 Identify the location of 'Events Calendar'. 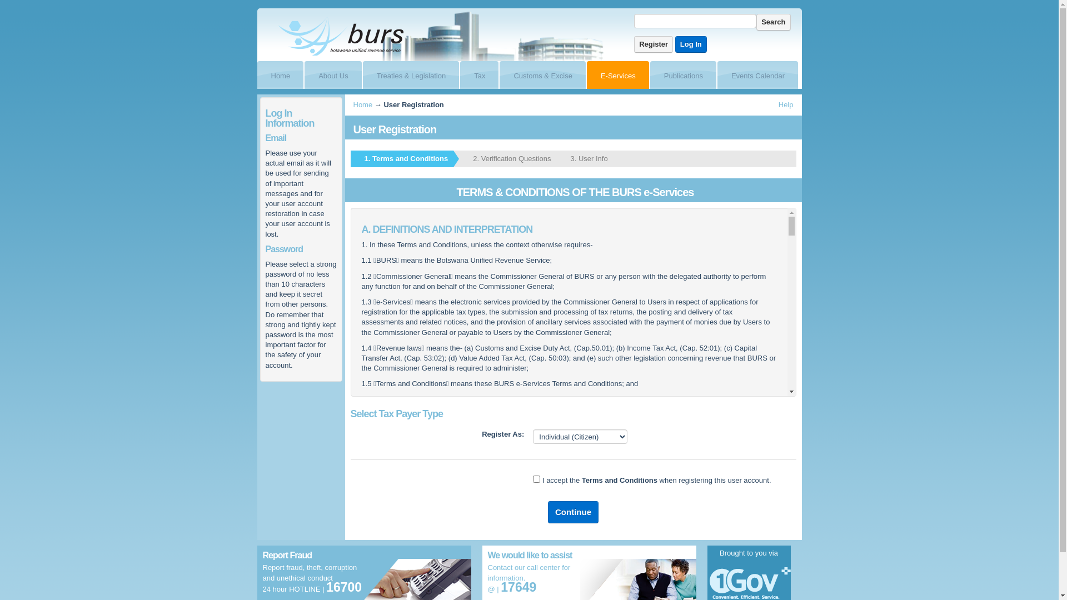
(752, 75).